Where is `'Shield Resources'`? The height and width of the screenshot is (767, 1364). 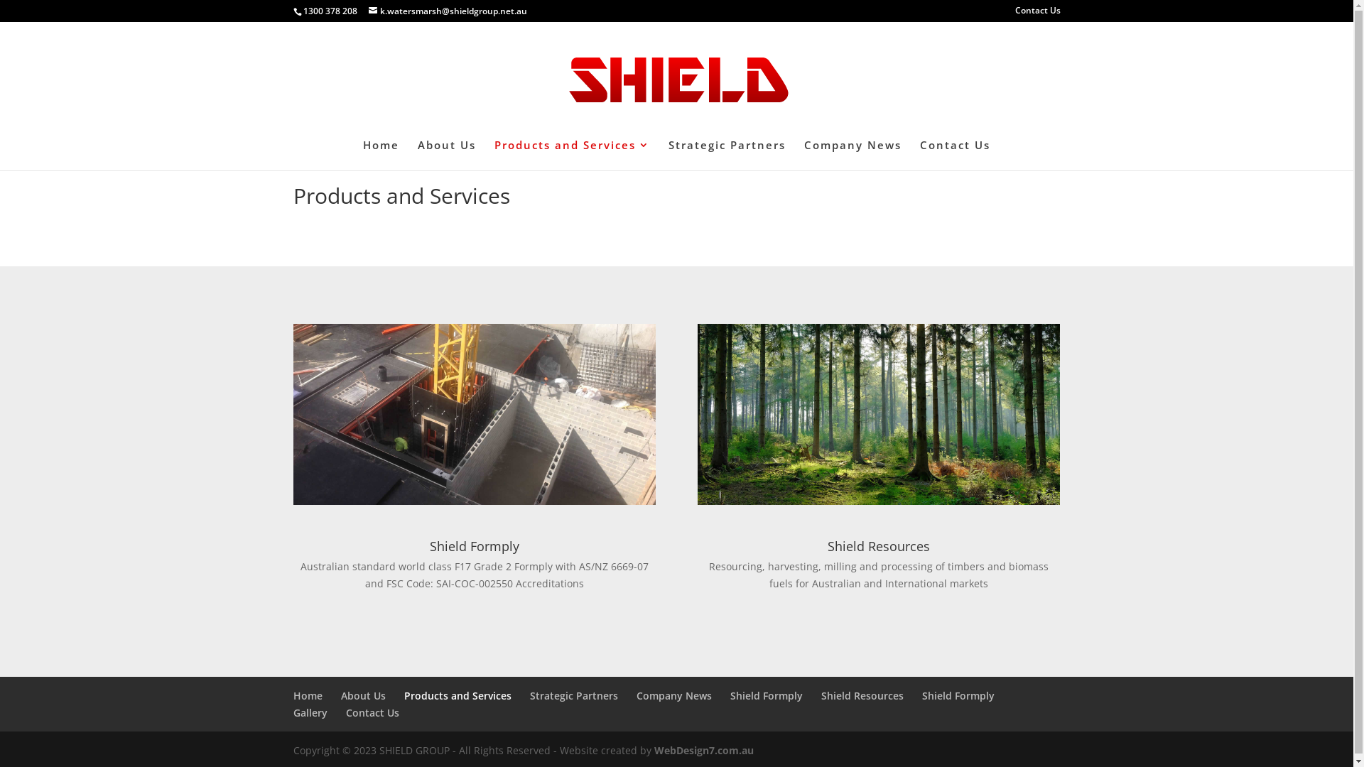 'Shield Resources' is located at coordinates (821, 695).